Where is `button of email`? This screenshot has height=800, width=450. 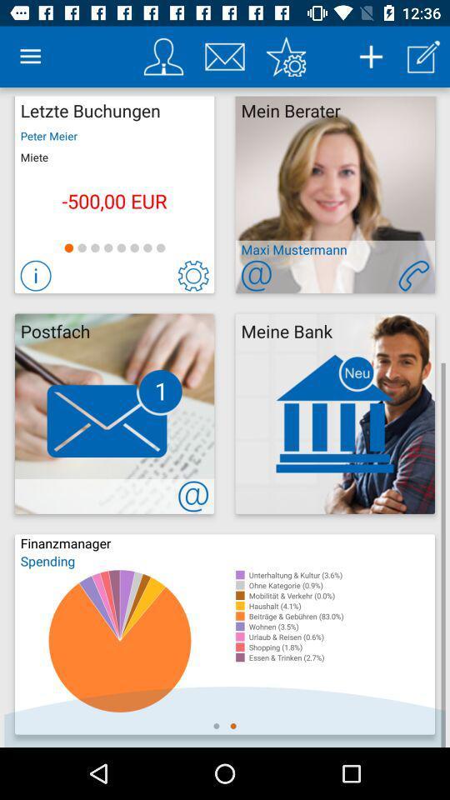 button of email is located at coordinates (256, 276).